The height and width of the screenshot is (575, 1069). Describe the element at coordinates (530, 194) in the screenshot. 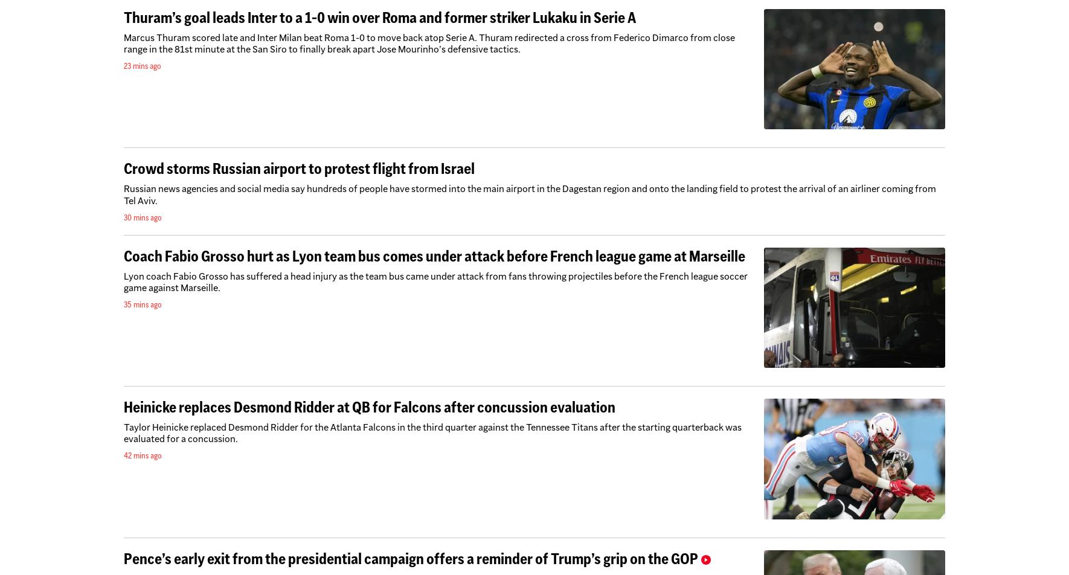

I see `'Russian news agencies and social media say hundreds of people have stormed into the main airport in the Dagestan region and onto the landing field to protest the arrival of an airliner coming from Tel Aviv.'` at that location.